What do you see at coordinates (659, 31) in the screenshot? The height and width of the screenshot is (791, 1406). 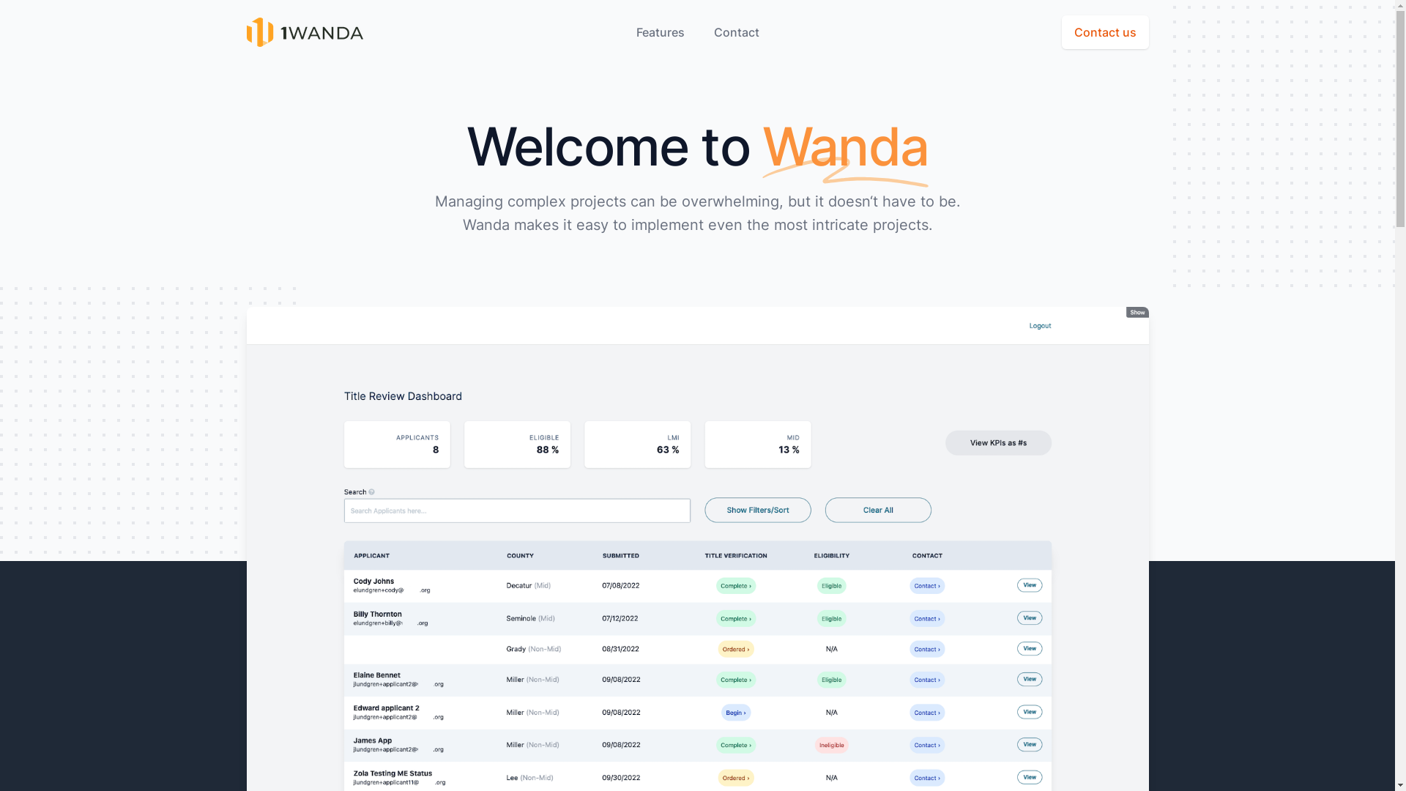 I see `'Features'` at bounding box center [659, 31].